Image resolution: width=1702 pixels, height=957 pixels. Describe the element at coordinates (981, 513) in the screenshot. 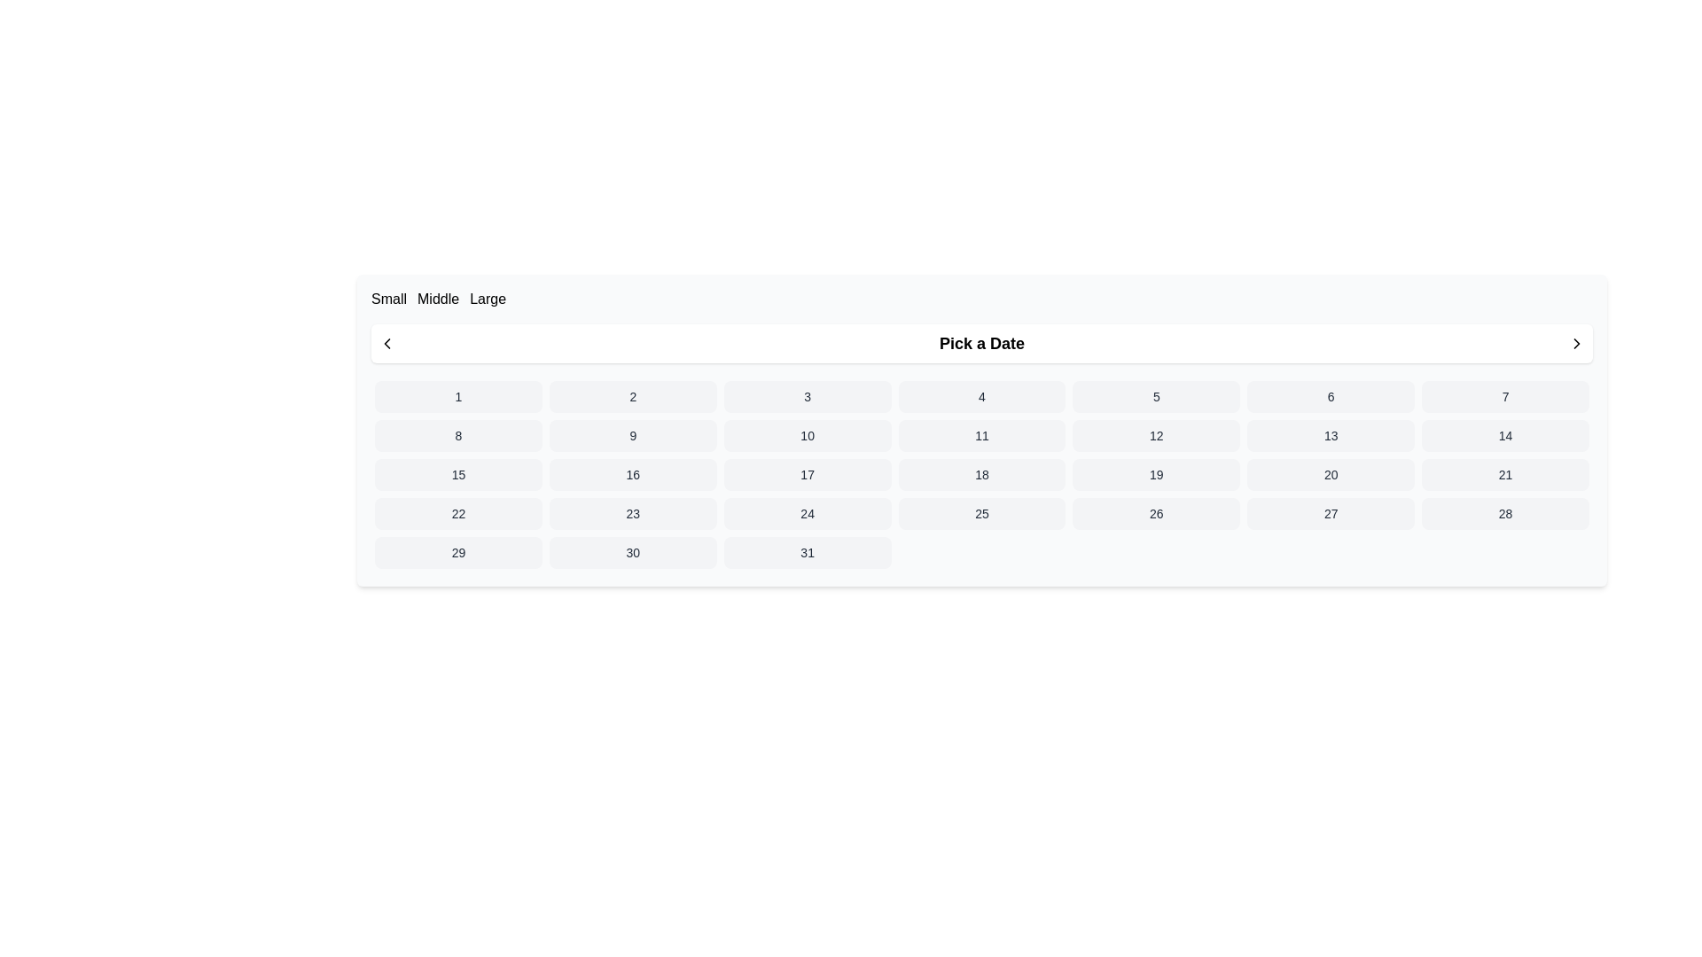

I see `the button in the 4th column of the last row` at that location.